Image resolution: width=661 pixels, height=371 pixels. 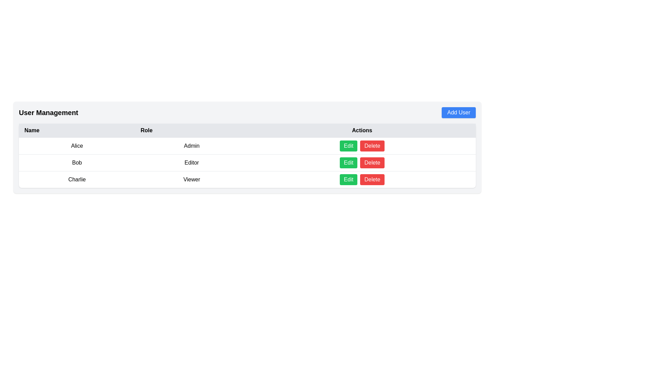 I want to click on the delete button located in the 'Actions' column of the first row, immediately to the right of the 'Edit' button, so click(x=372, y=145).